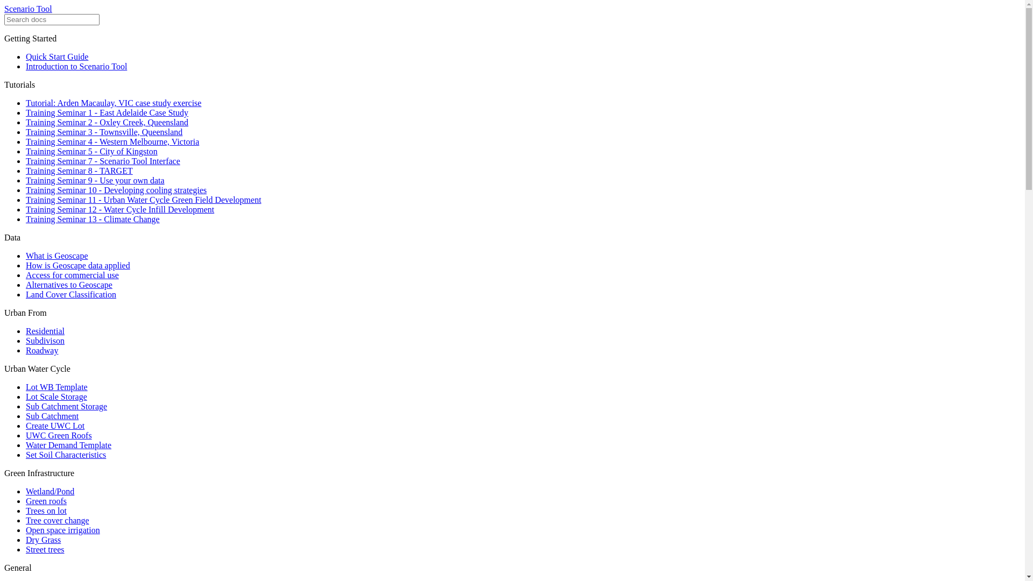  Describe the element at coordinates (56, 256) in the screenshot. I see `'What is Geoscape'` at that location.